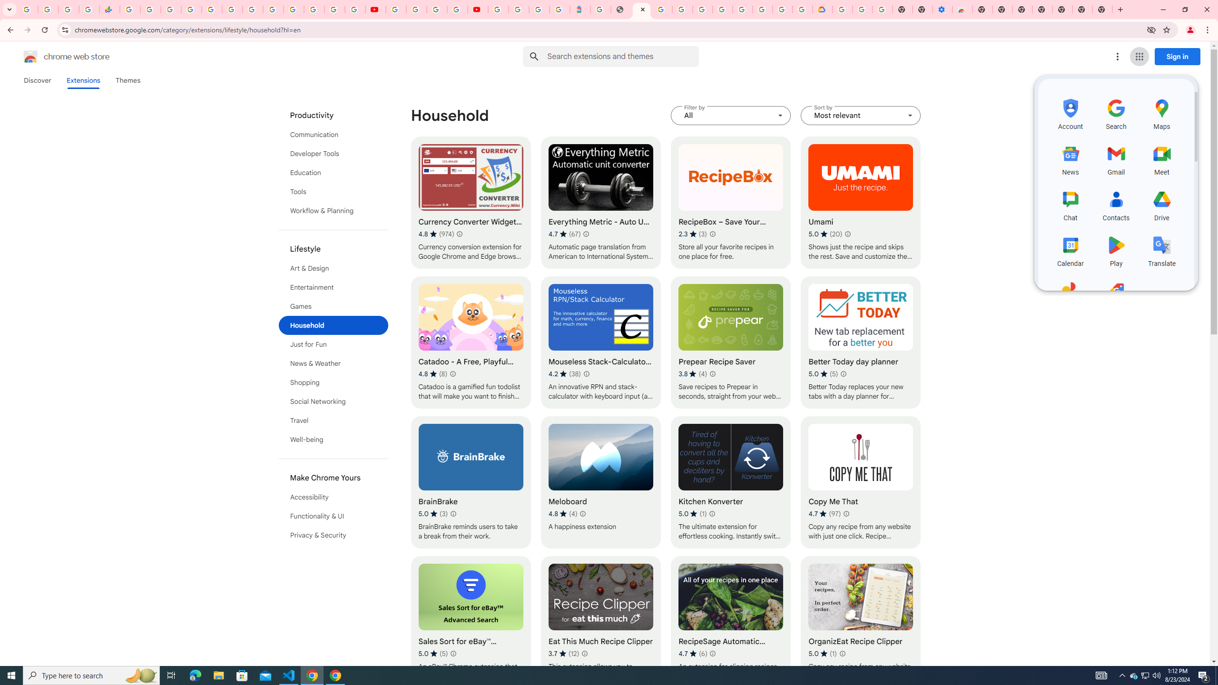 The height and width of the screenshot is (685, 1218). Describe the element at coordinates (882, 9) in the screenshot. I see `'Turn cookies on or off - Computer - Google Account Help'` at that location.